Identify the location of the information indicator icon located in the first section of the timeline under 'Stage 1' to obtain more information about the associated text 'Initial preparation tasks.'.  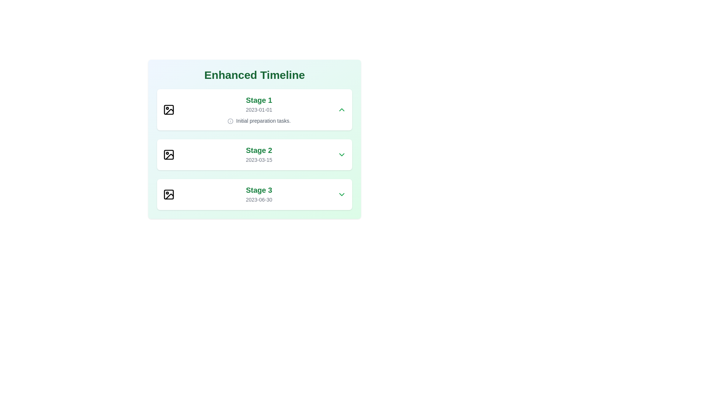
(230, 121).